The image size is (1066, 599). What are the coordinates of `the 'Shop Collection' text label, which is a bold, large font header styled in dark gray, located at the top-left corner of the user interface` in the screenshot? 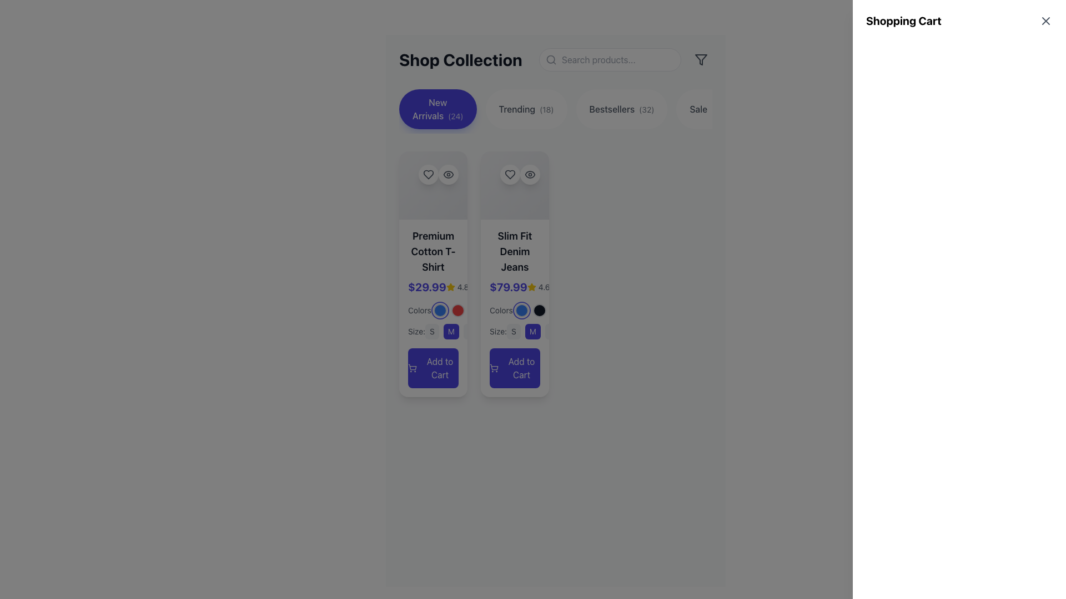 It's located at (460, 60).